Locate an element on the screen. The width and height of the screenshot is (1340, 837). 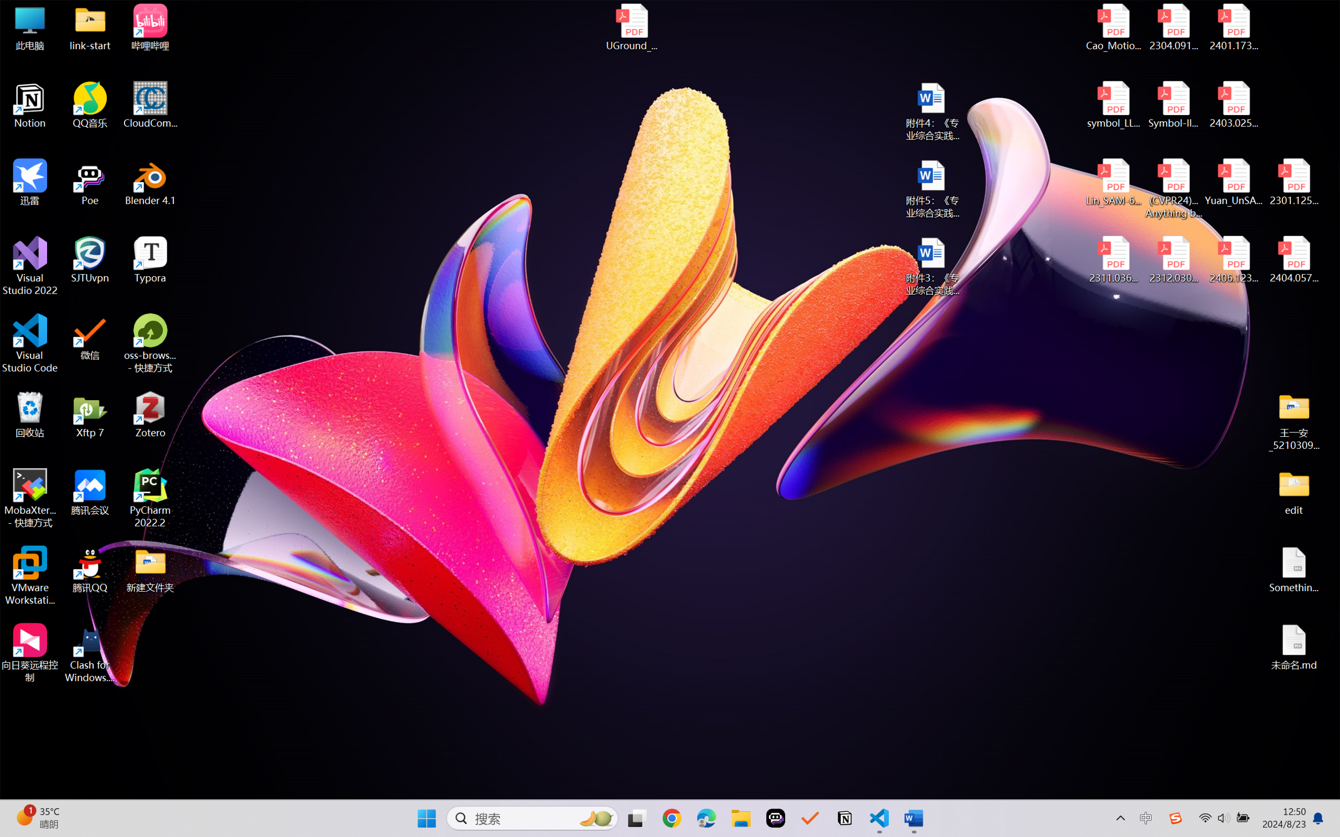
'2304.09121v3.pdf' is located at coordinates (1173, 27).